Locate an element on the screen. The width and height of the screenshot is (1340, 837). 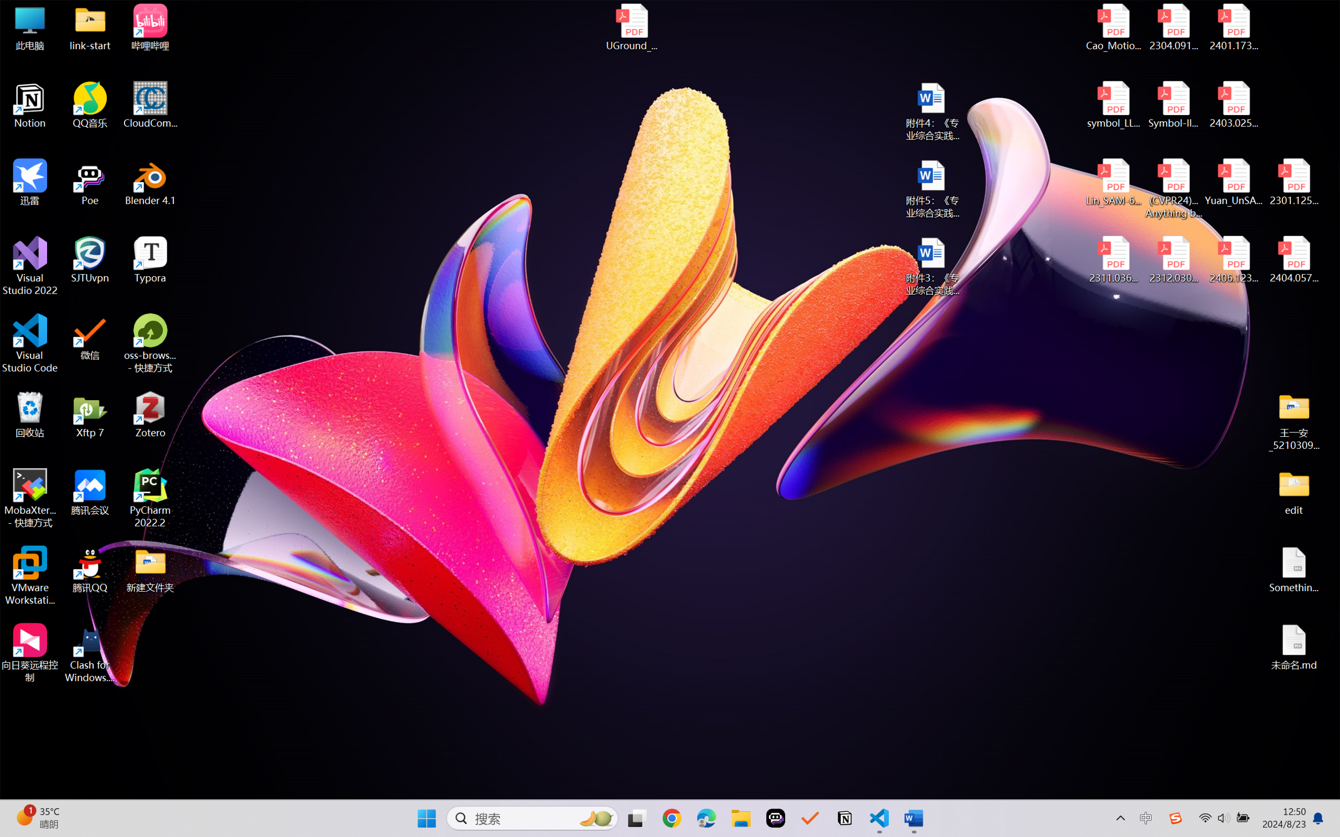
'2304.09121v3.pdf' is located at coordinates (1173, 27).